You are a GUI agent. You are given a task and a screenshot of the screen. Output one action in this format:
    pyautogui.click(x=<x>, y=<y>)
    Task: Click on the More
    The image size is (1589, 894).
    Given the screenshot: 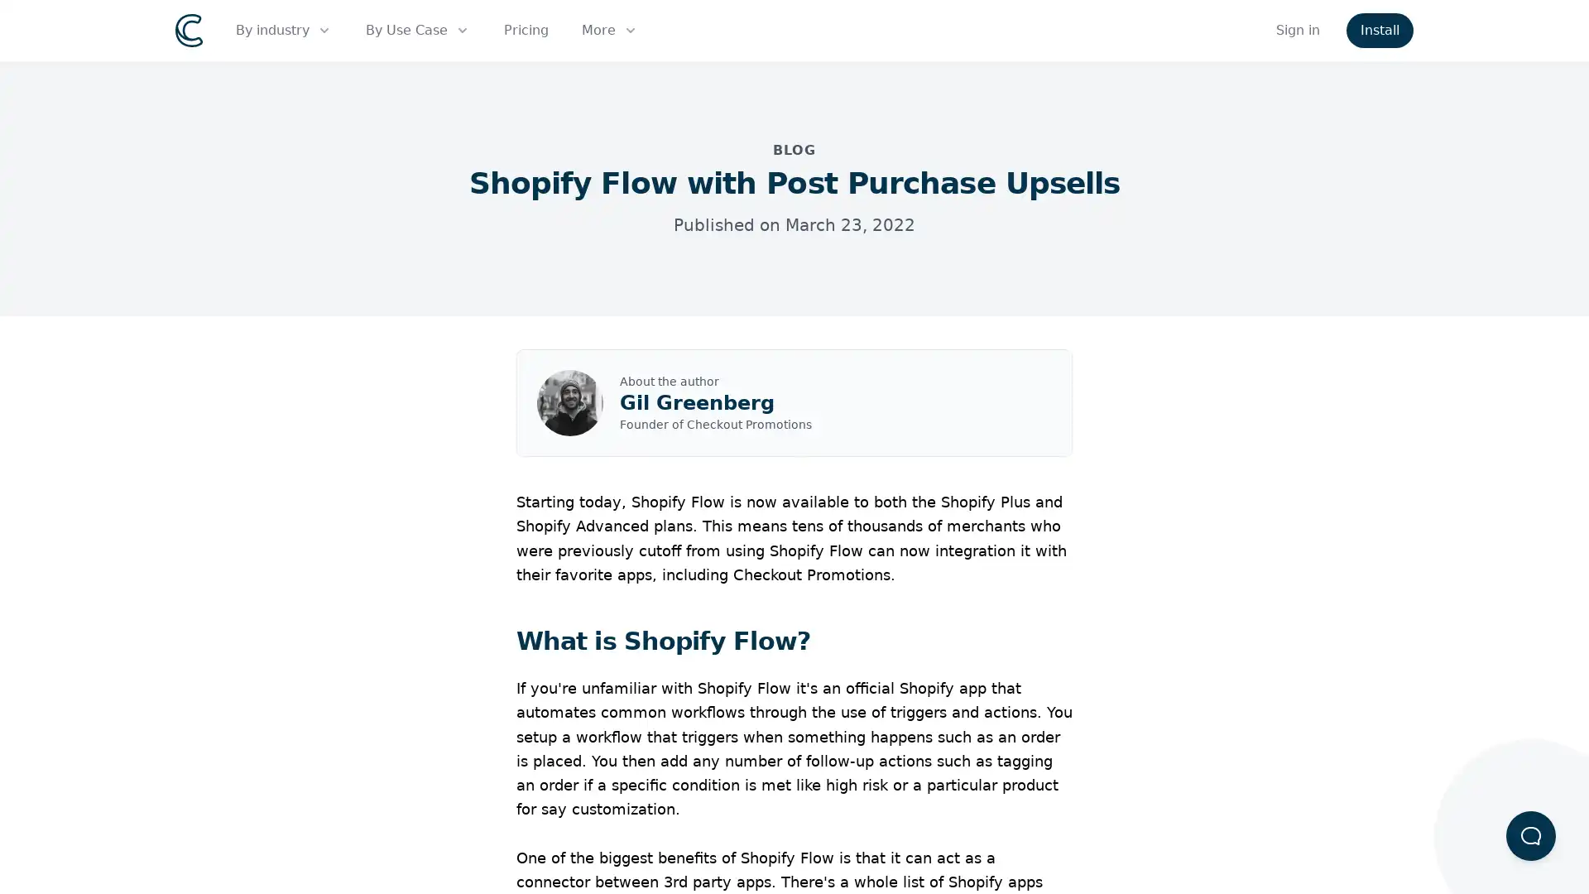 What is the action you would take?
    pyautogui.click(x=609, y=31)
    